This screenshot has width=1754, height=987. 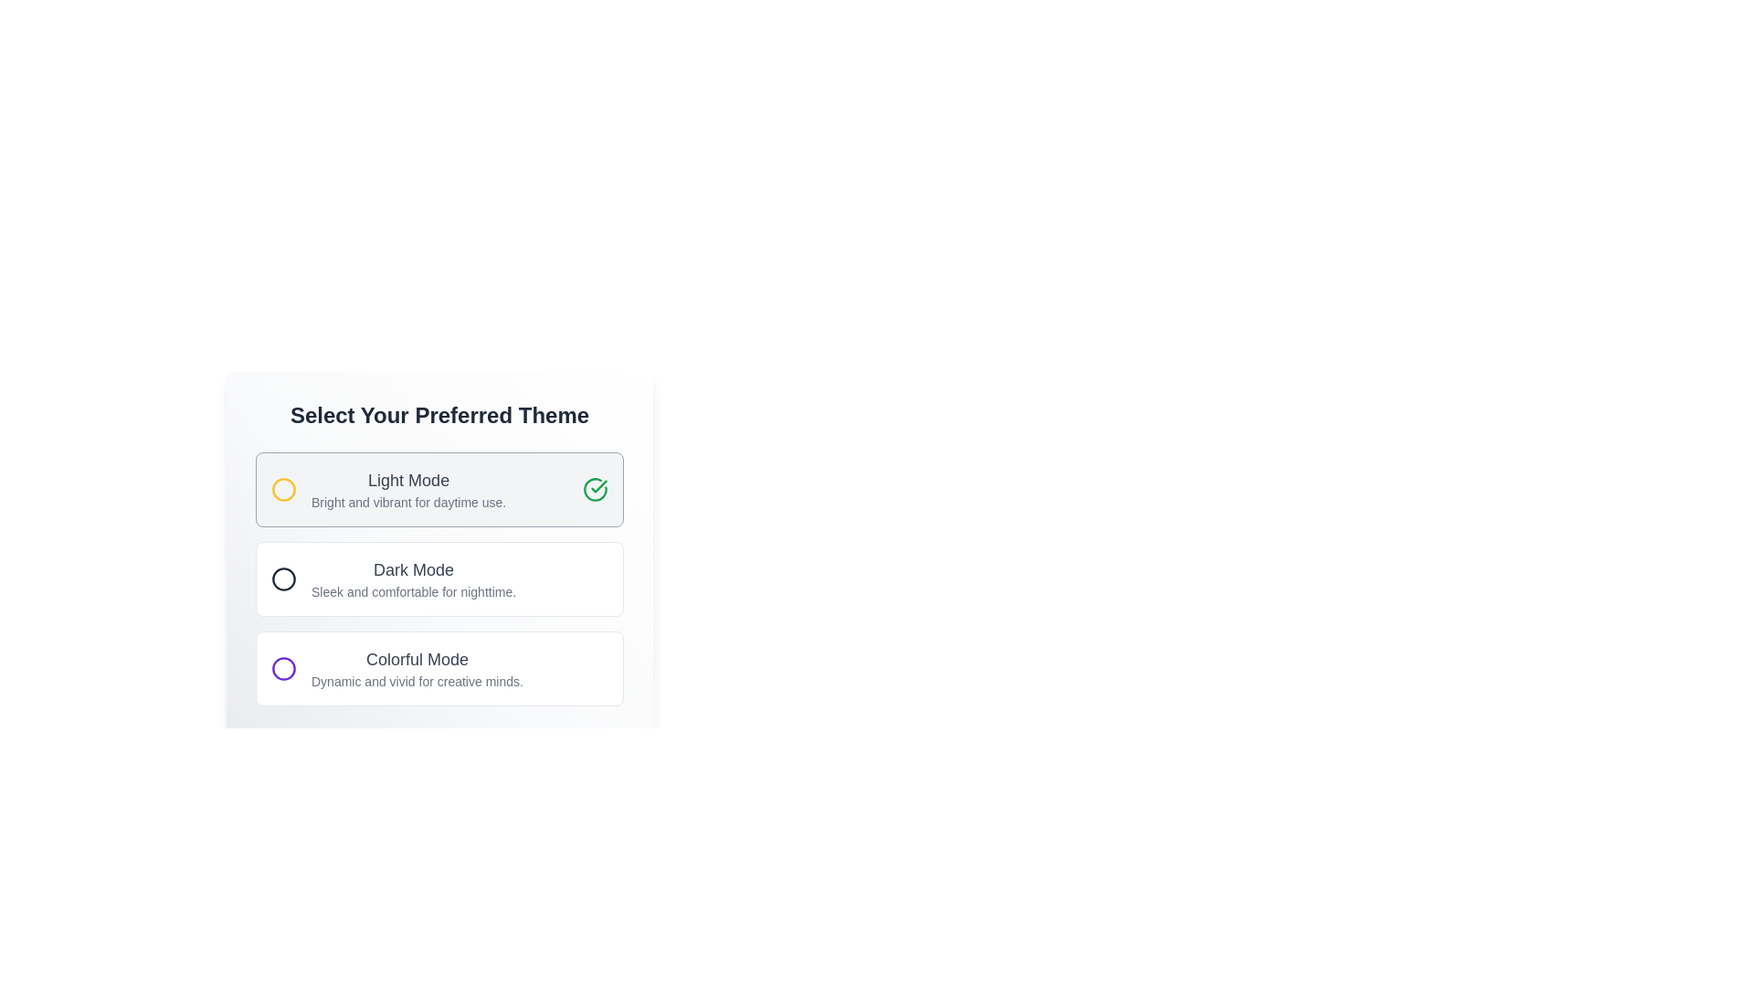 What do you see at coordinates (283, 489) in the screenshot?
I see `the circular icon with an orange ring and a white background, located to the left of the 'Light Mode' option` at bounding box center [283, 489].